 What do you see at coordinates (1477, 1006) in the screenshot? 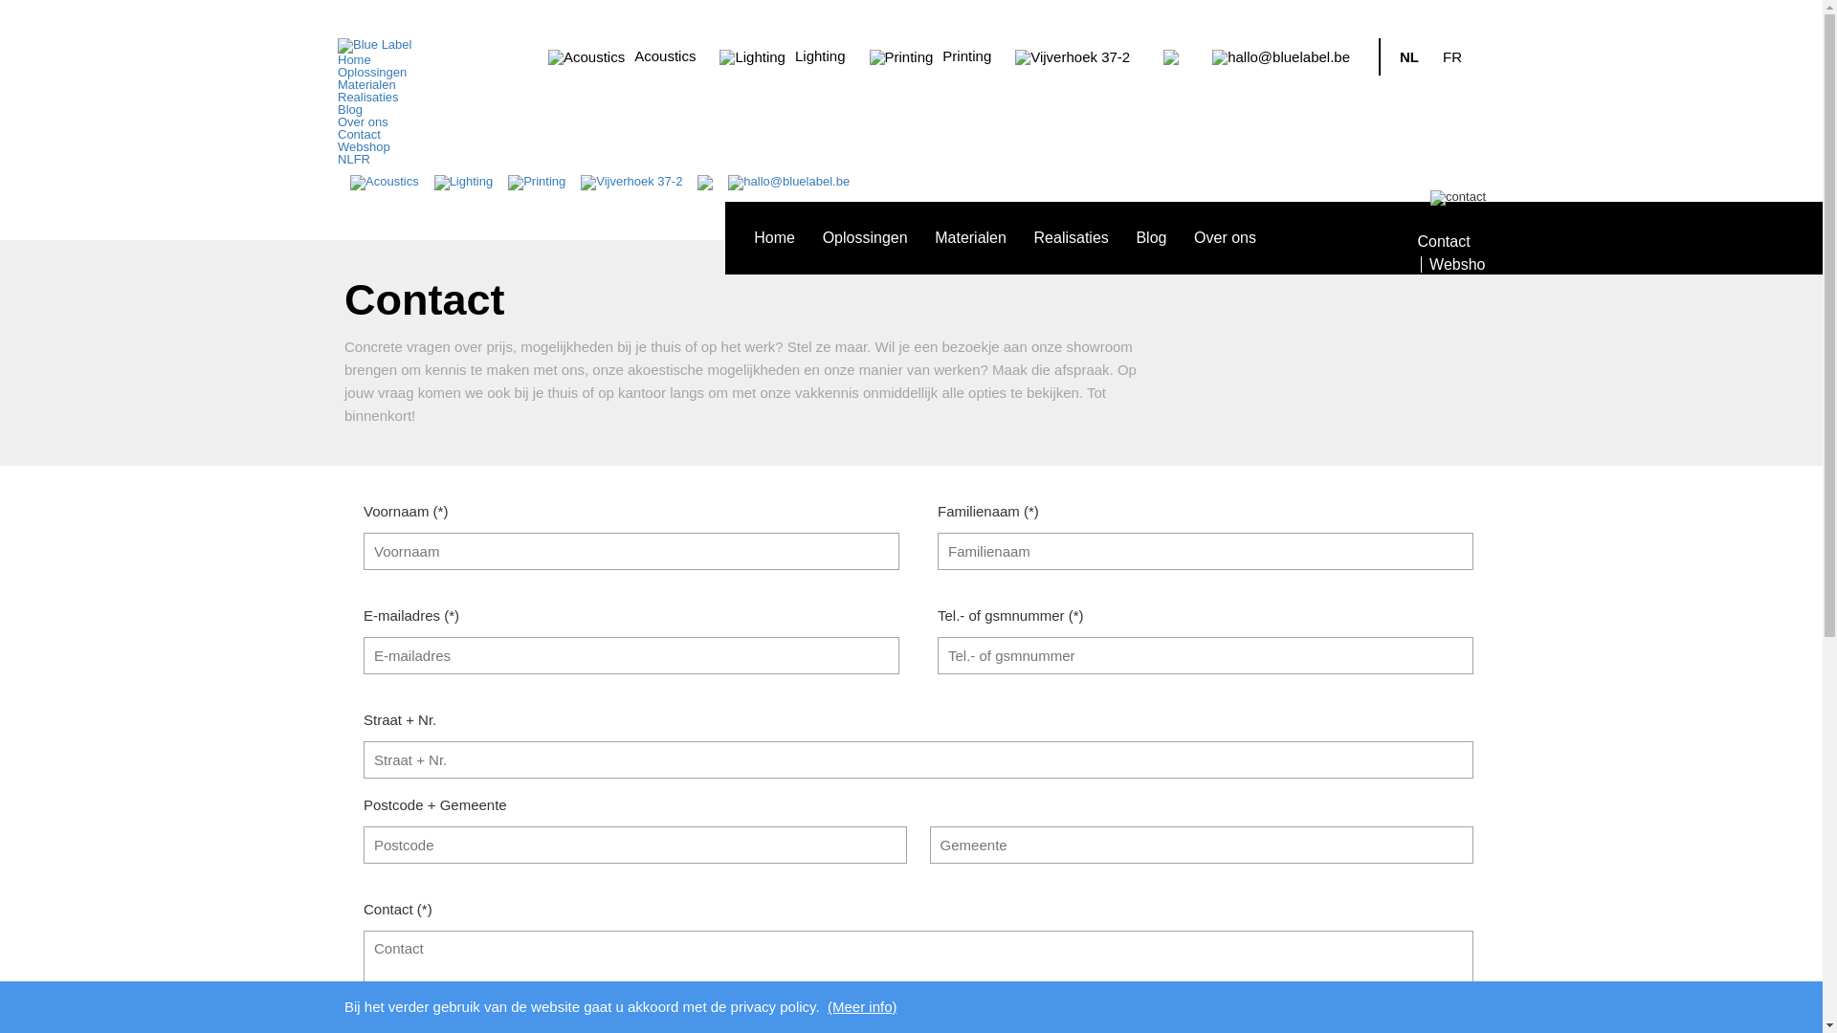
I see `'Cookies Akkoord'` at bounding box center [1477, 1006].